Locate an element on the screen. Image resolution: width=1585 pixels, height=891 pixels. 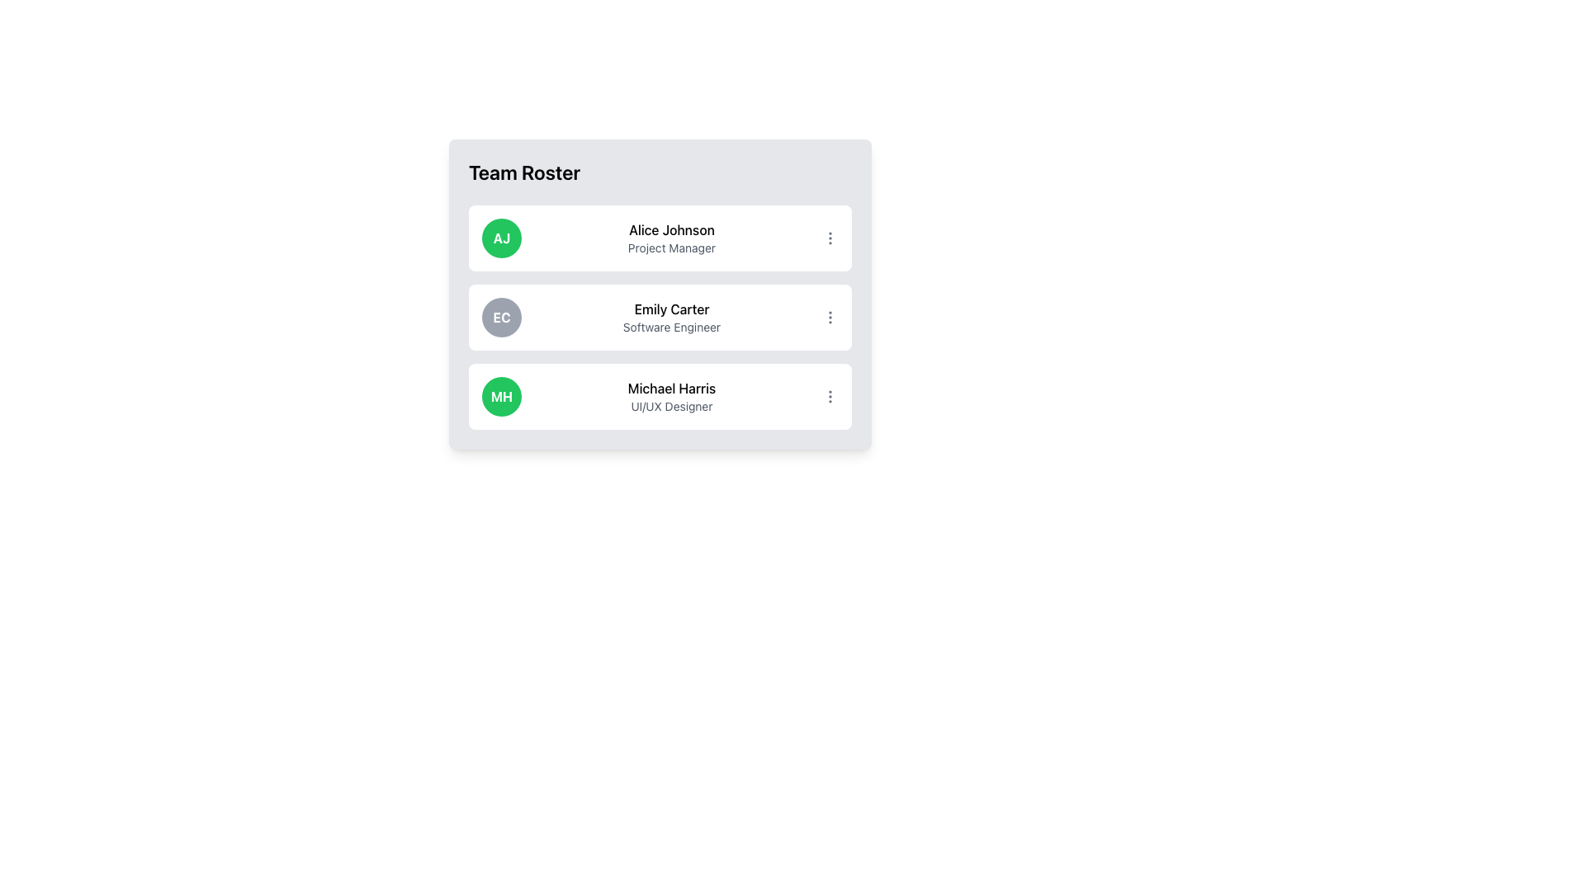
the circular badge with gray background displaying the initials 'EC' in white, bold text, located to the left of 'Emily Carter' in the 'Team Roster' list is located at coordinates (501, 318).